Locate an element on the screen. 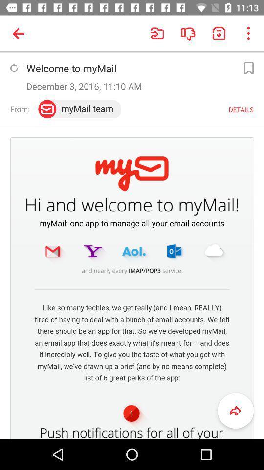  the bookmark icon is located at coordinates (248, 68).